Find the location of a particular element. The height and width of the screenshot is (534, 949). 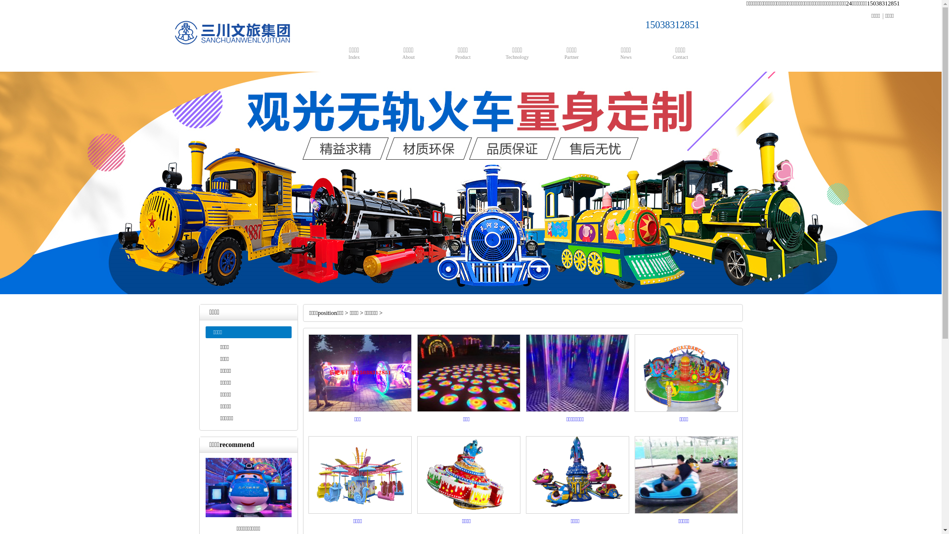

'15038312851' is located at coordinates (620, 24).